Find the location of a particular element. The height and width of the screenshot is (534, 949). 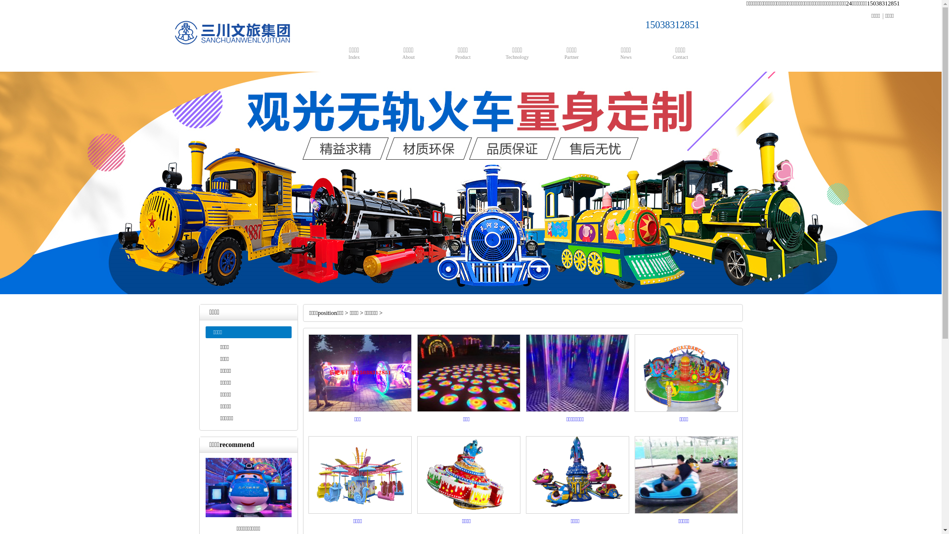

'15038312851' is located at coordinates (620, 24).